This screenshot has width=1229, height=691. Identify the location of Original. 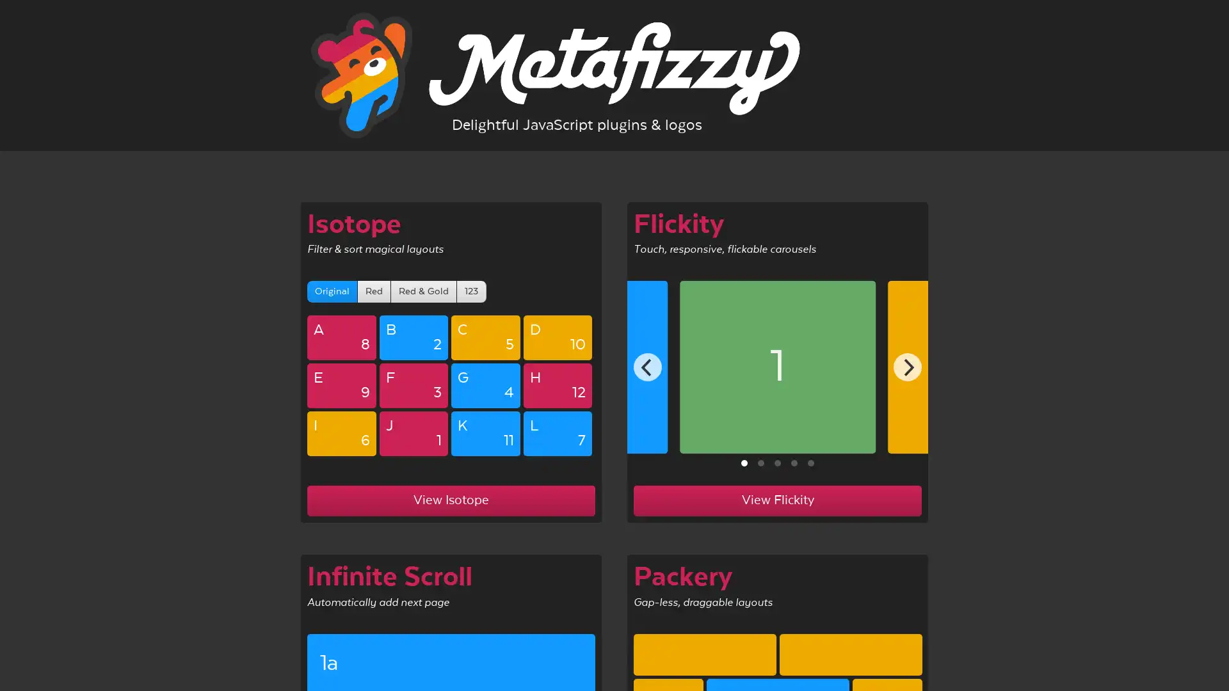
(332, 291).